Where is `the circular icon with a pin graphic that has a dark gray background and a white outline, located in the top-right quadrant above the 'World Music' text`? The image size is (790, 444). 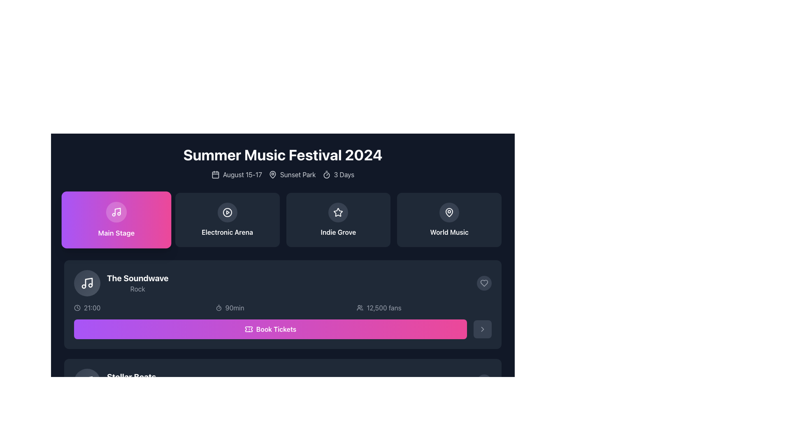
the circular icon with a pin graphic that has a dark gray background and a white outline, located in the top-right quadrant above the 'World Music' text is located at coordinates (449, 212).